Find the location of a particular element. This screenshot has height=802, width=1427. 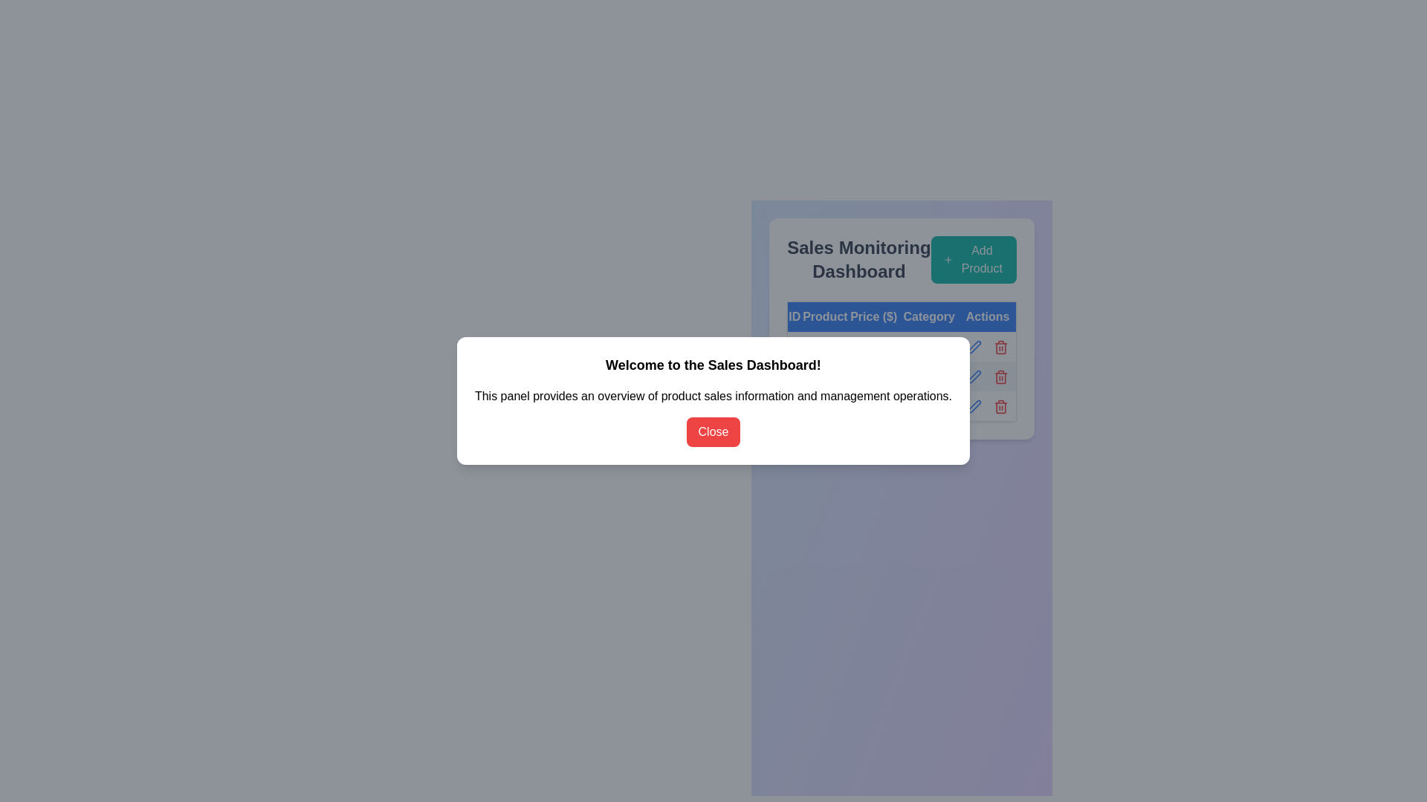

the deletion icon button located in the 'Actions' column of the table is located at coordinates (1001, 347).